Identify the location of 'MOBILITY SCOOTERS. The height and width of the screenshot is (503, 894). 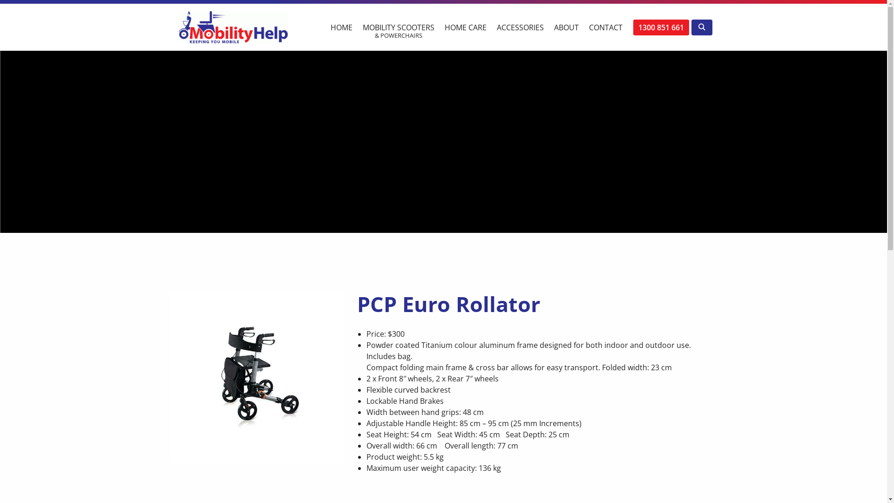
(398, 27).